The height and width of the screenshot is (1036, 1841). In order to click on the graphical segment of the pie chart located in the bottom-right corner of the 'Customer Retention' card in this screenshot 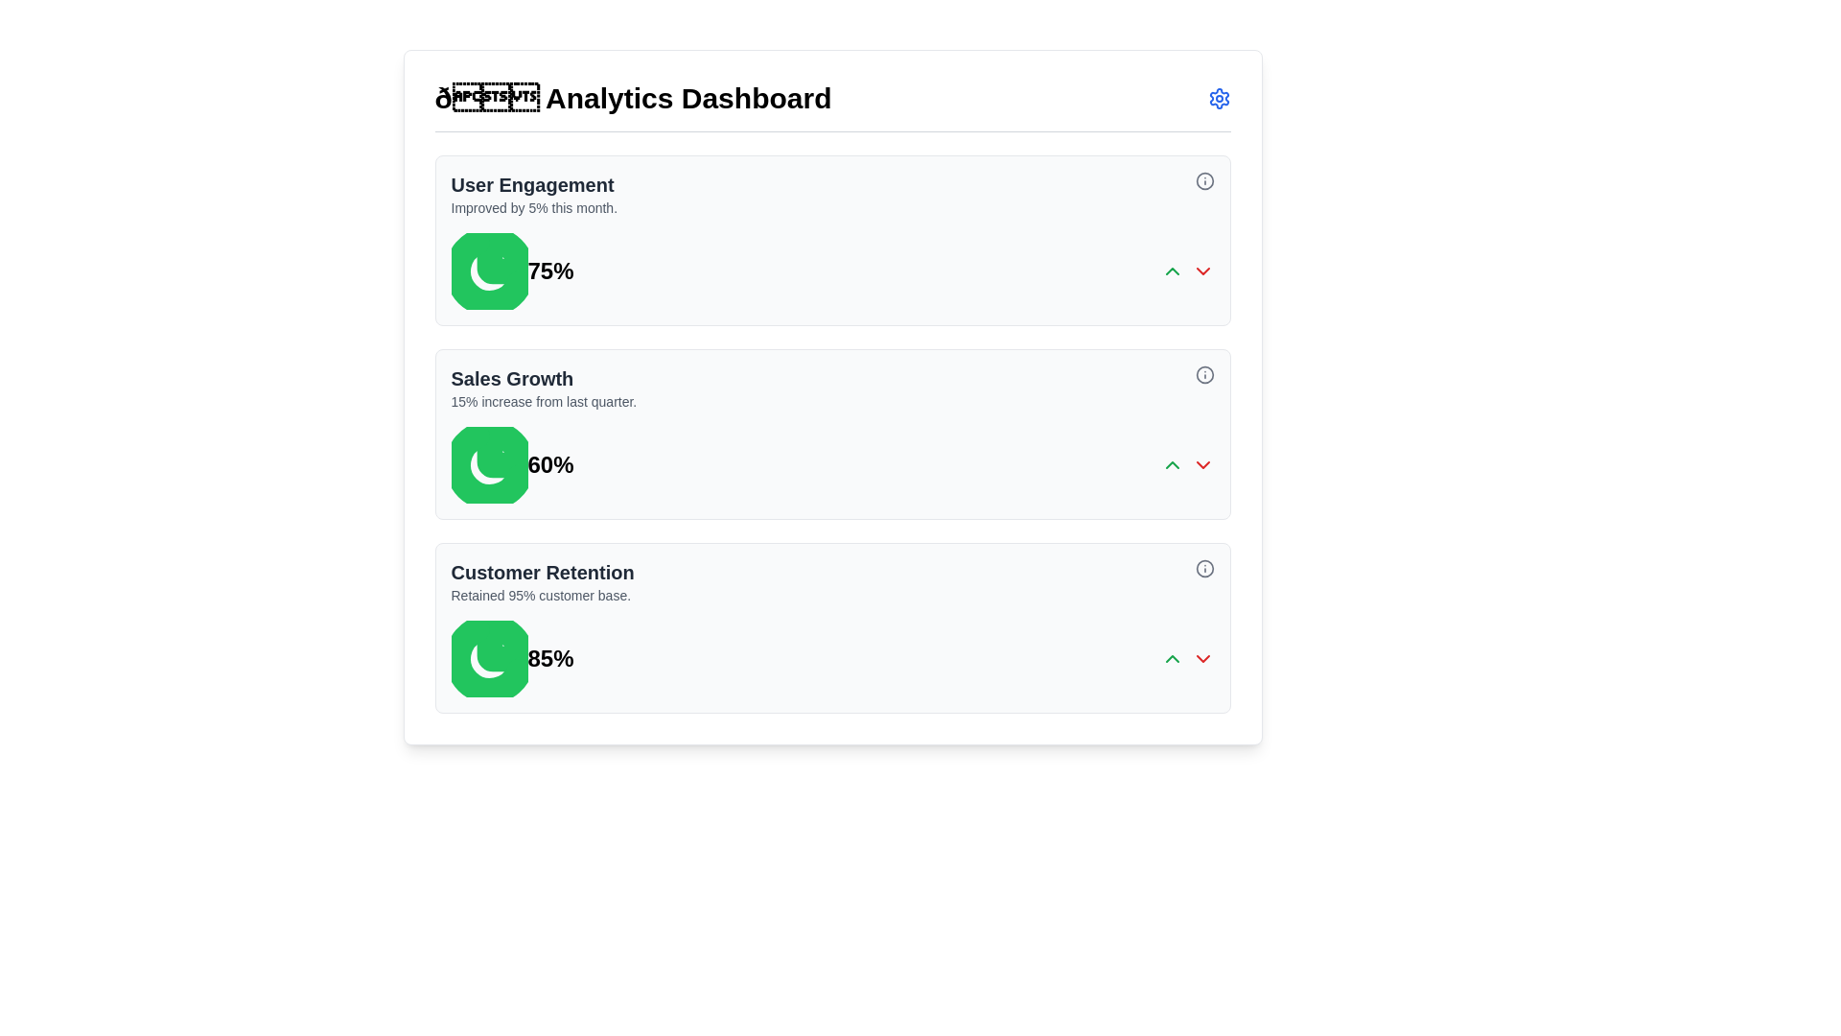, I will do `click(488, 659)`.